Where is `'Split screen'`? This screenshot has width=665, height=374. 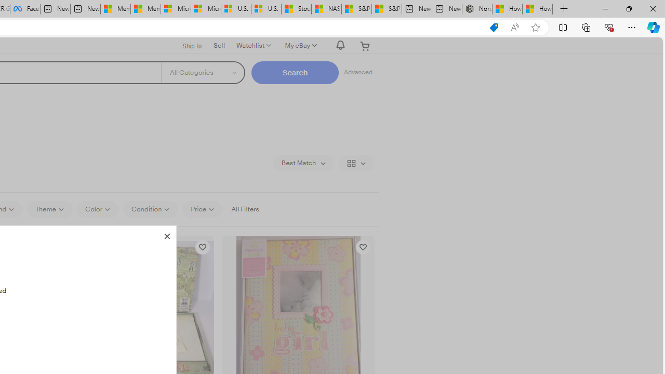
'Split screen' is located at coordinates (562, 26).